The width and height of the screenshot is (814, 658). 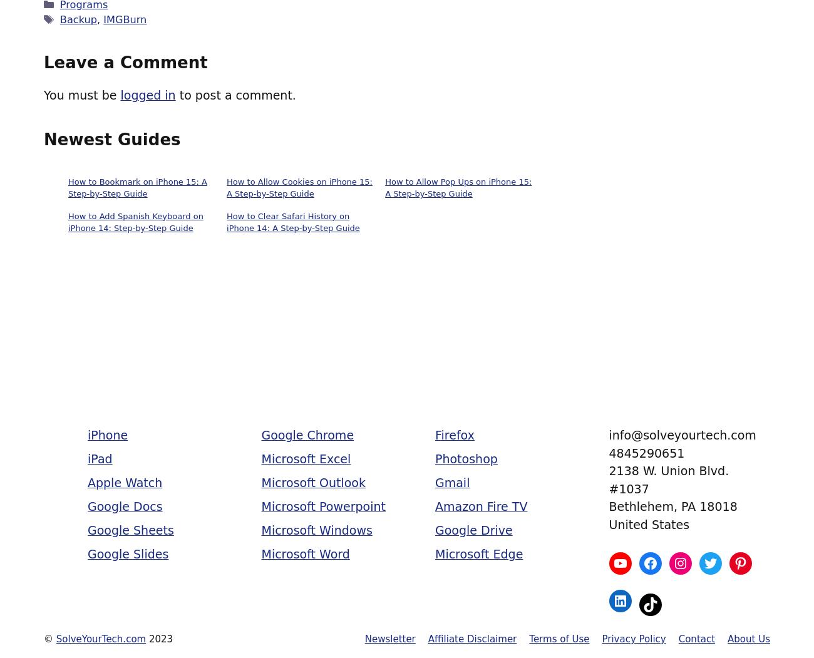 What do you see at coordinates (100, 639) in the screenshot?
I see `'SolveYourTech.com'` at bounding box center [100, 639].